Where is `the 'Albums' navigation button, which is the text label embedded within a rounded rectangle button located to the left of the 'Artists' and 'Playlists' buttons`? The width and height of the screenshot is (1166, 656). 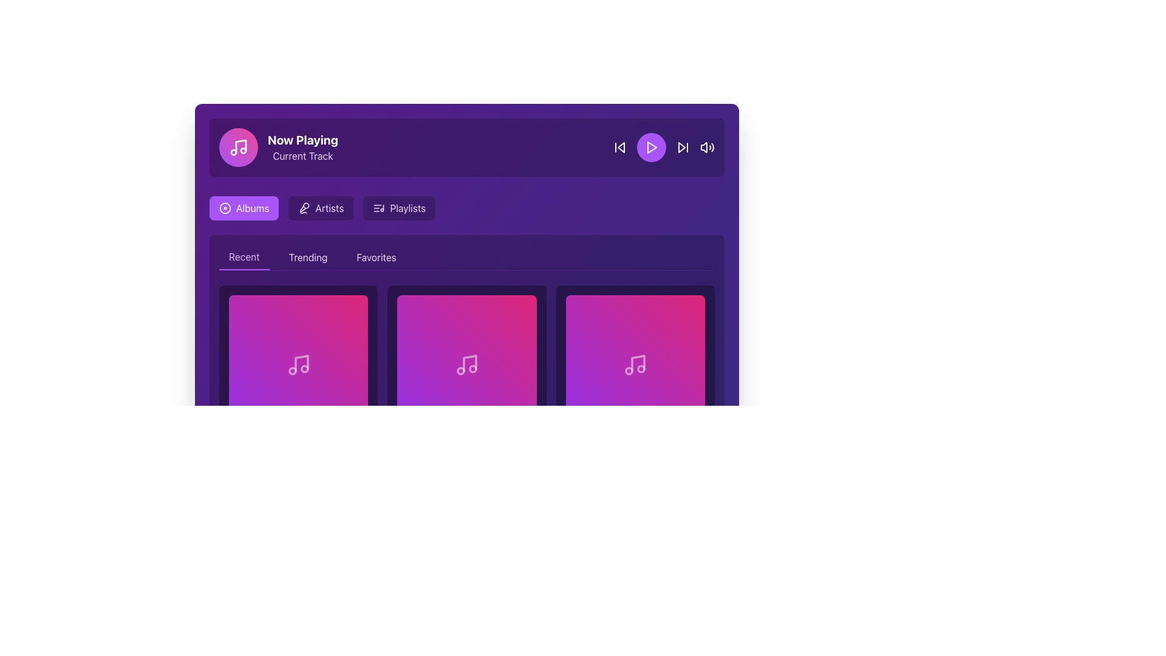 the 'Albums' navigation button, which is the text label embedded within a rounded rectangle button located to the left of the 'Artists' and 'Playlists' buttons is located at coordinates (252, 208).